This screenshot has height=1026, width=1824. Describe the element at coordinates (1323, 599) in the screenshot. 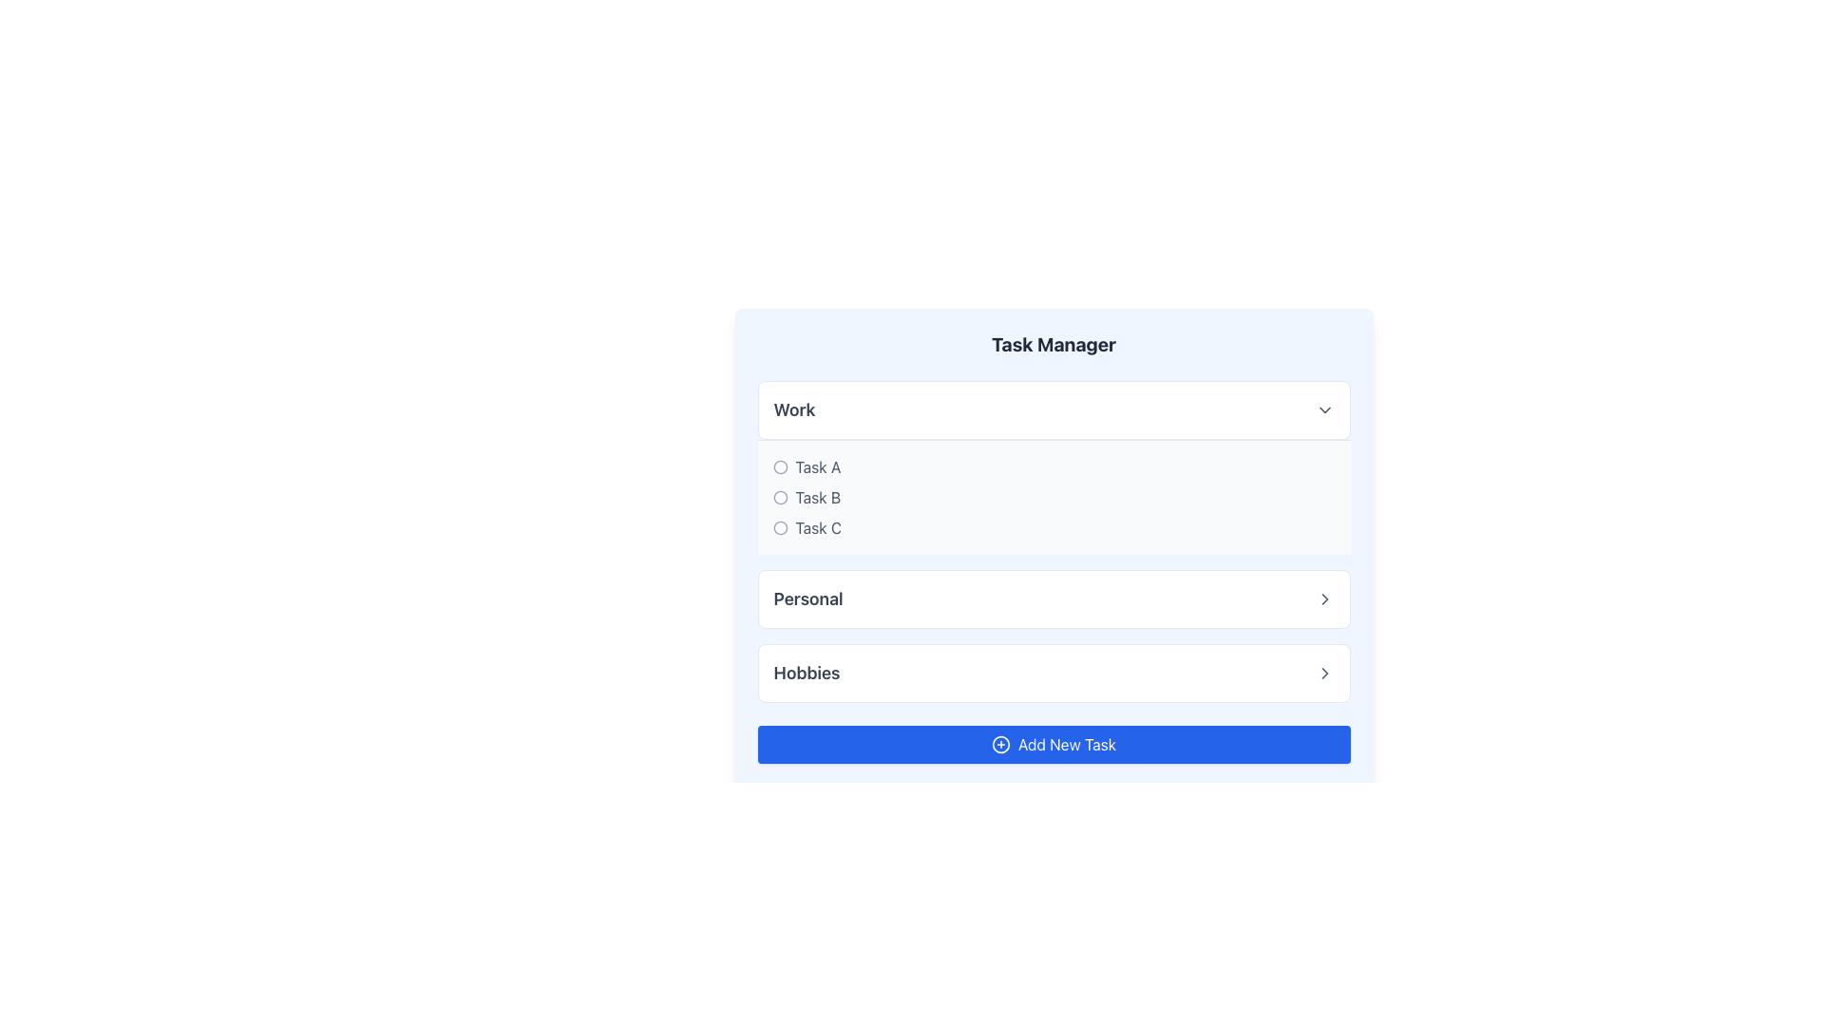

I see `the right-facing chevron icon in the 'Personal' section of the Task Manager interface` at that location.